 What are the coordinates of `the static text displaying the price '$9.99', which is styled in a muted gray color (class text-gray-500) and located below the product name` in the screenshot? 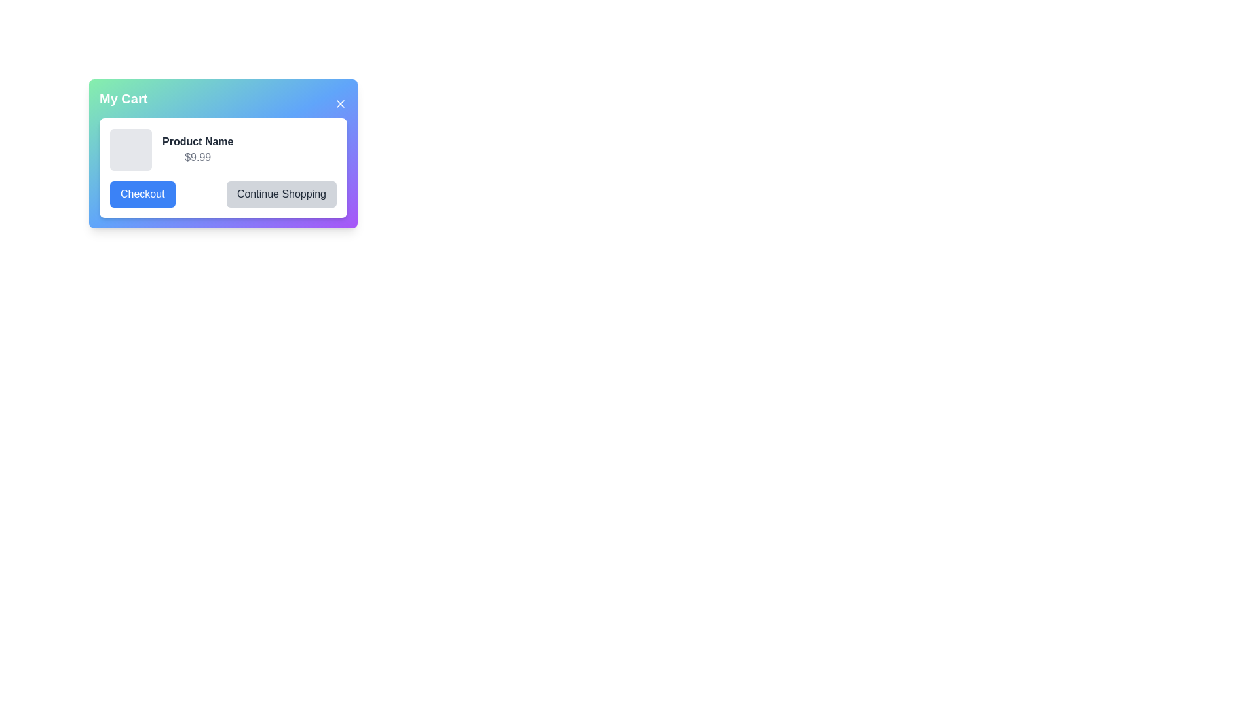 It's located at (197, 156).